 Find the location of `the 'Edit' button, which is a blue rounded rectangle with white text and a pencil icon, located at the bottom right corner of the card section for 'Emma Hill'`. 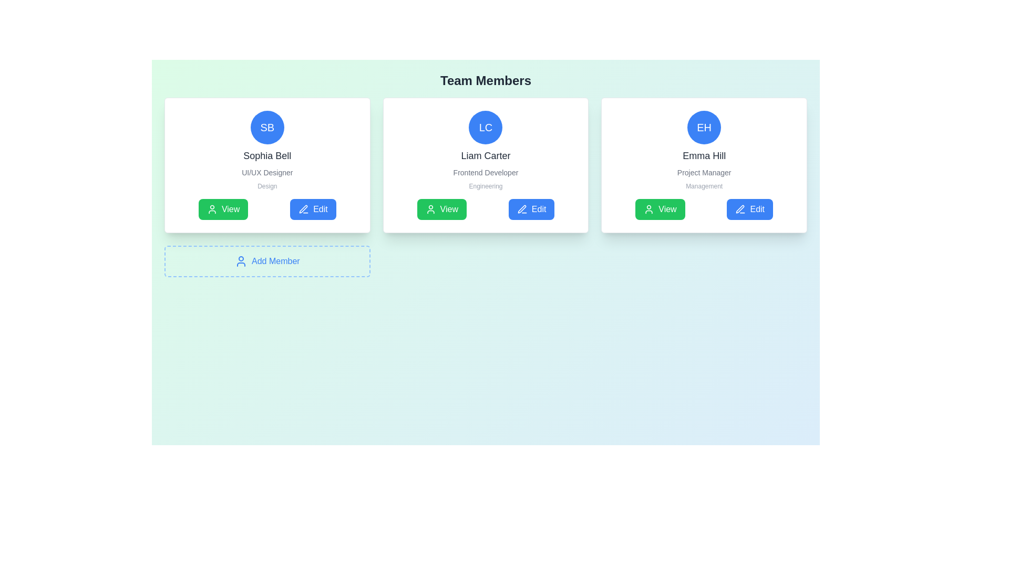

the 'Edit' button, which is a blue rounded rectangle with white text and a pencil icon, located at the bottom right corner of the card section for 'Emma Hill' is located at coordinates (749, 209).